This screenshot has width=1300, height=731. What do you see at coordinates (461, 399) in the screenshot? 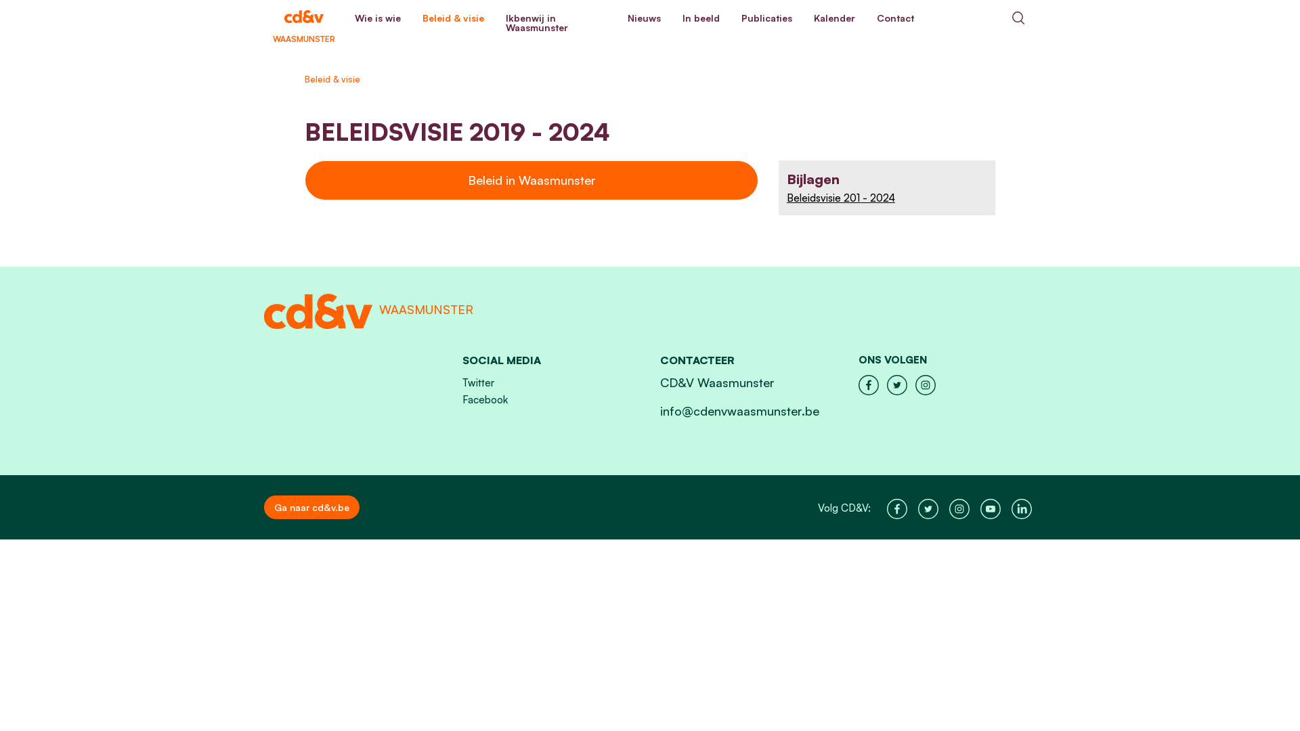
I see `'Facebook'` at bounding box center [461, 399].